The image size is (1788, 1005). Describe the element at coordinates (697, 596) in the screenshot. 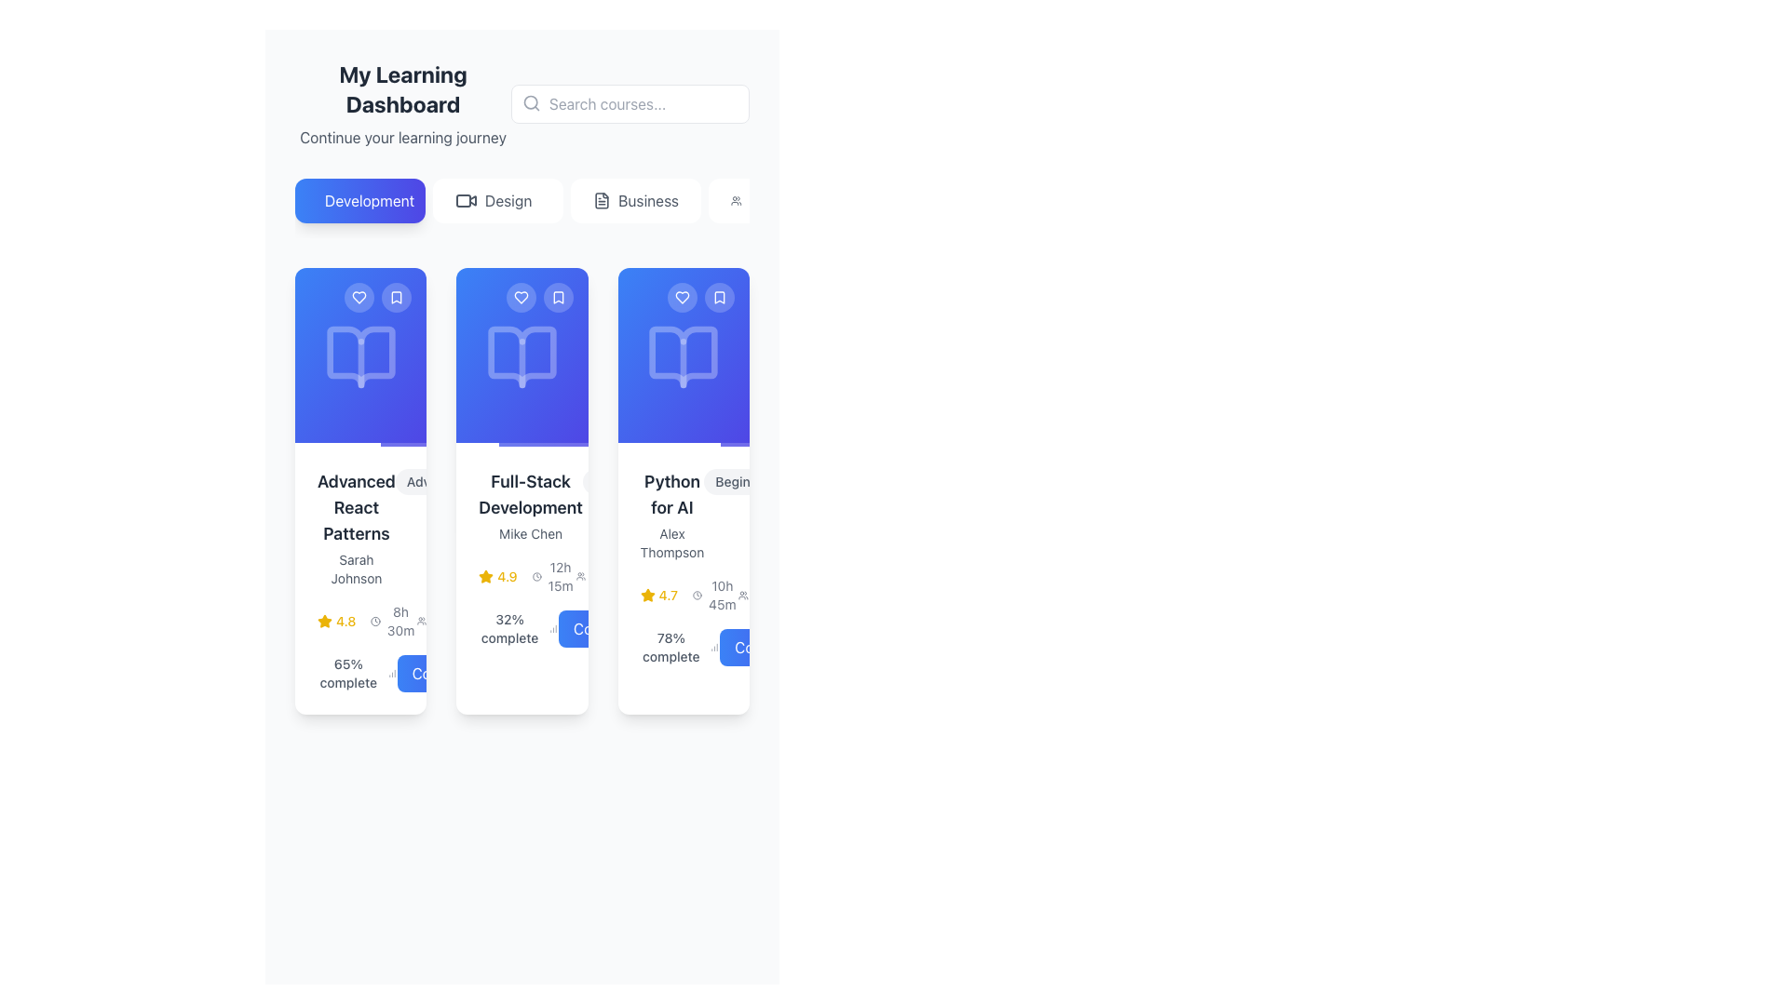

I see `the SVG icon representing the concept of time, located to the left of the text '10h 45m' in the 'Python for AI' course card` at that location.